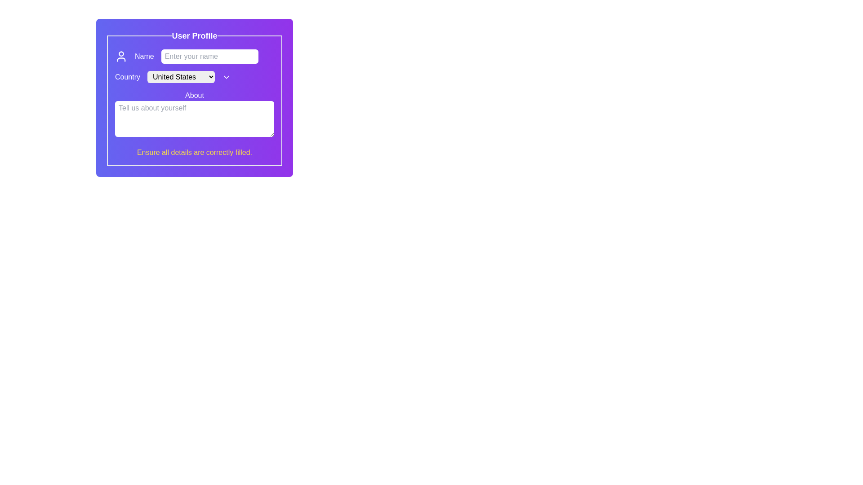 The width and height of the screenshot is (863, 485). I want to click on the text input field labeled 'Enter your name', so click(209, 57).